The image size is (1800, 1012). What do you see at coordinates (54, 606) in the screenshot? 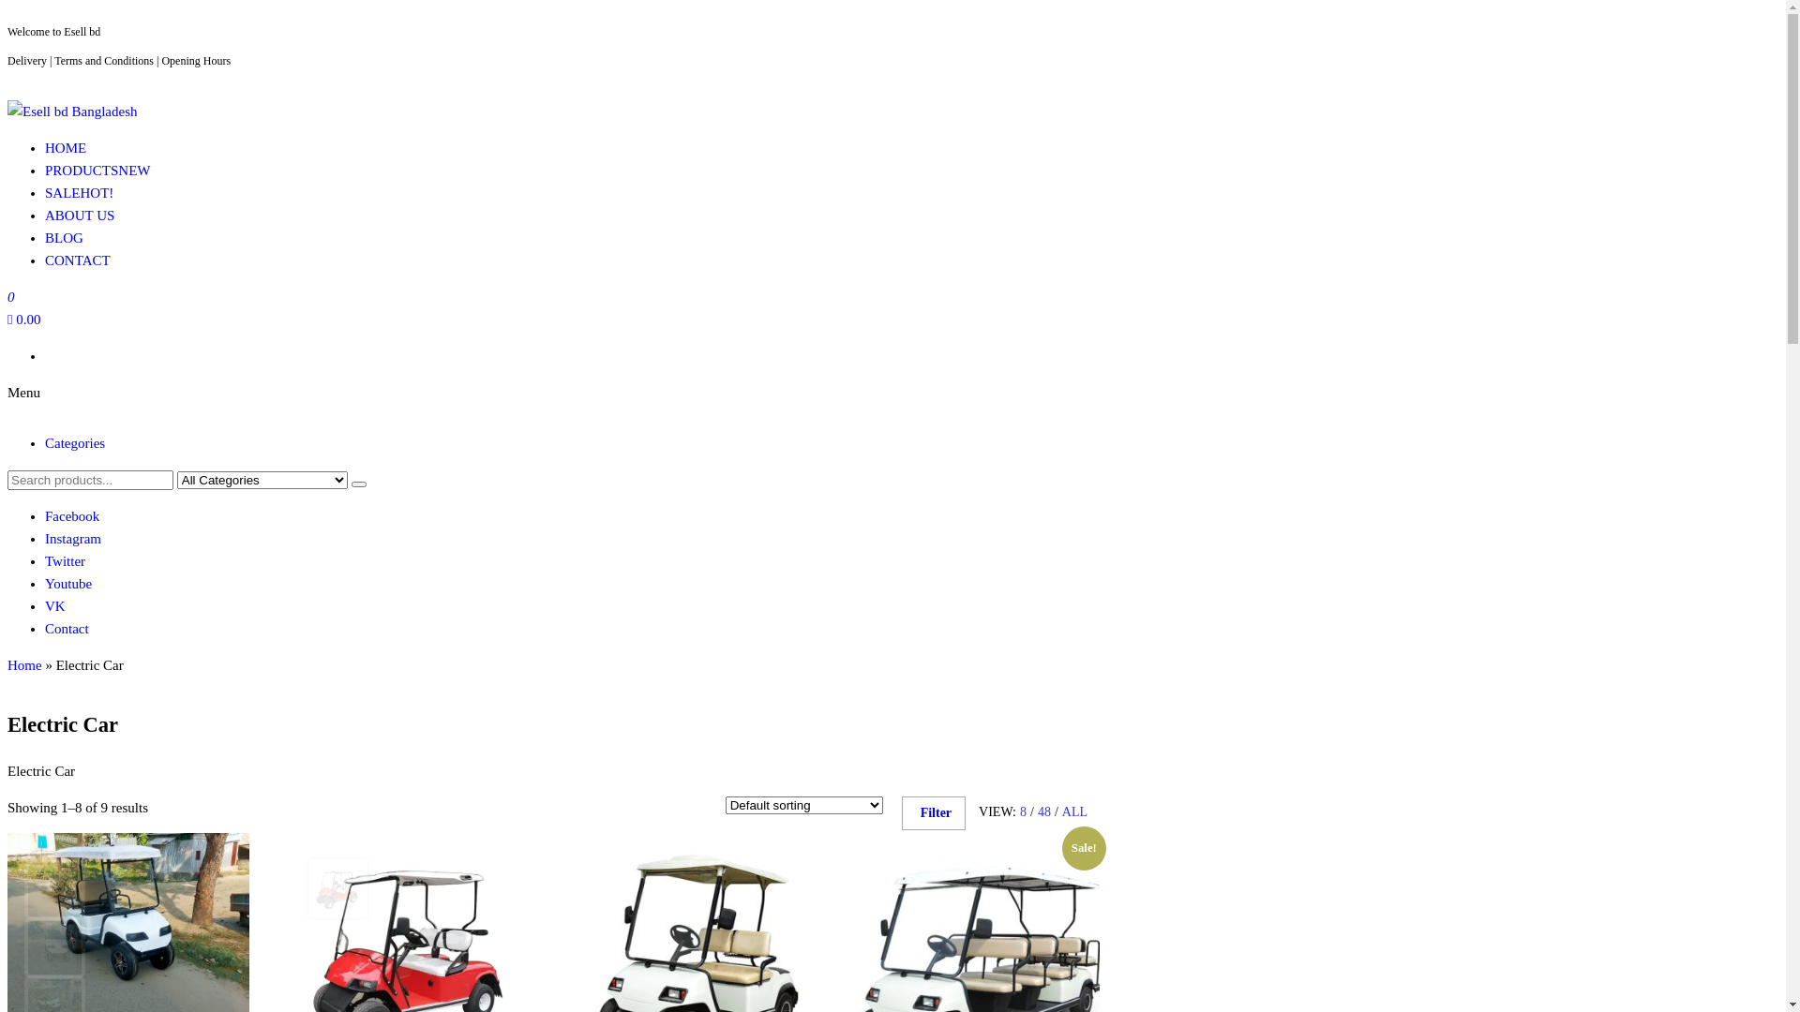
I see `'VK'` at bounding box center [54, 606].